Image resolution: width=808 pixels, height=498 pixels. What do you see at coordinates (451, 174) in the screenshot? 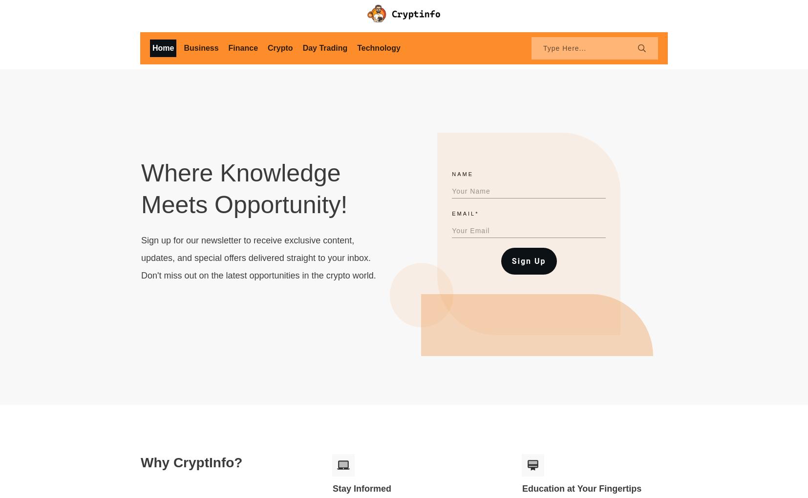
I see `'Name'` at bounding box center [451, 174].